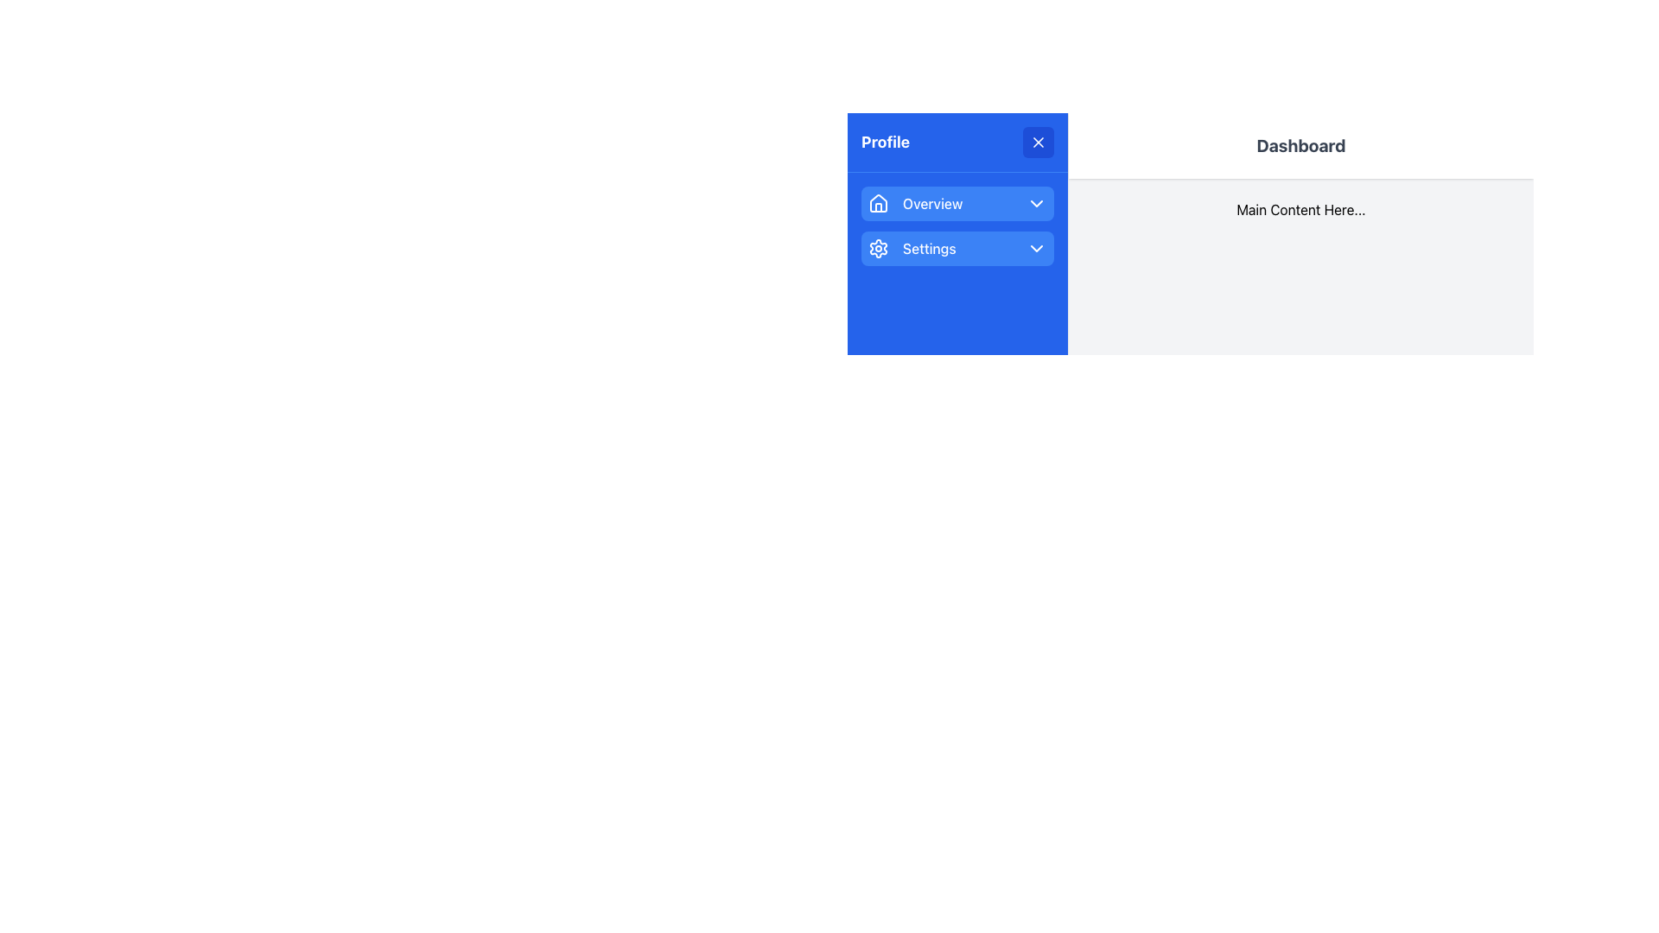  Describe the element at coordinates (1037, 249) in the screenshot. I see `the chevron icon indicating a dropdown menu for the 'Settings' option, which is positioned on the far right of the 'Settings' menu item` at that location.